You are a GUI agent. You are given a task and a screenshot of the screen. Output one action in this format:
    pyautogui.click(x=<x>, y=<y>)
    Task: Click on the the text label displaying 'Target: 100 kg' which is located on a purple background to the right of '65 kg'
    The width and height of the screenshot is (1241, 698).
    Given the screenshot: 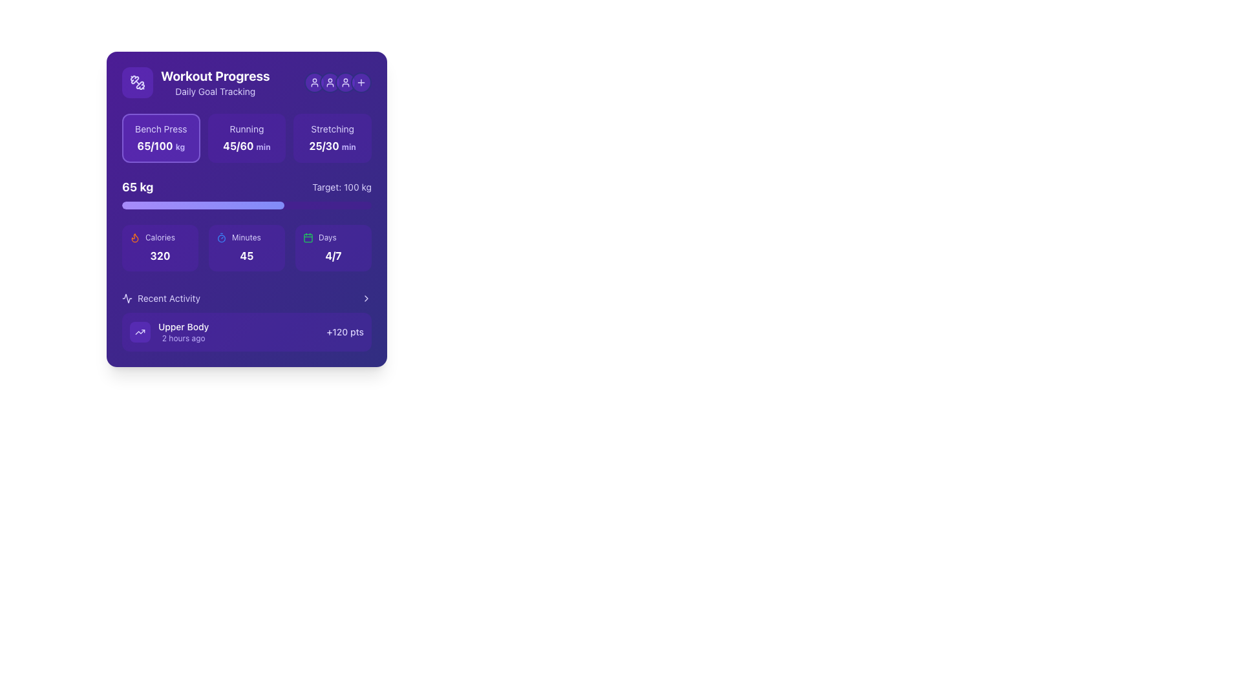 What is the action you would take?
    pyautogui.click(x=342, y=187)
    